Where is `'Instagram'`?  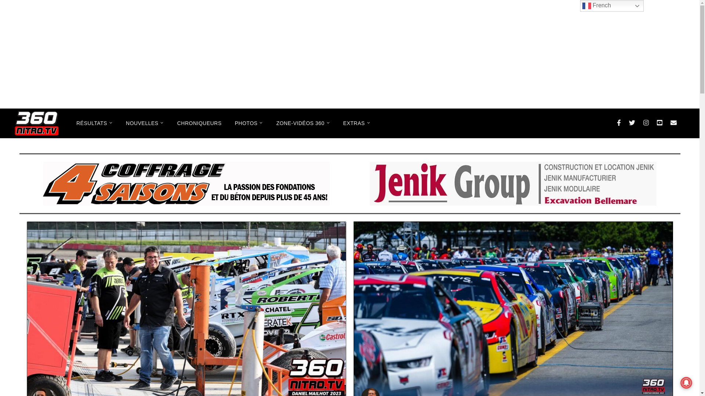
'Instagram' is located at coordinates (646, 122).